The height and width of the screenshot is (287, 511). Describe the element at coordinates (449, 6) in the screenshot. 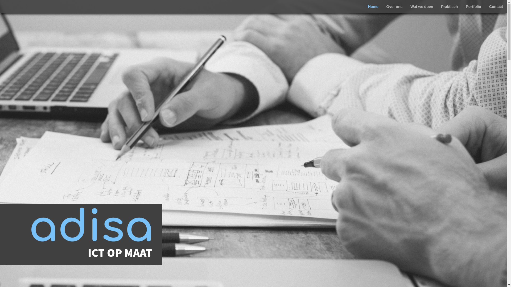

I see `'Praktisch'` at that location.